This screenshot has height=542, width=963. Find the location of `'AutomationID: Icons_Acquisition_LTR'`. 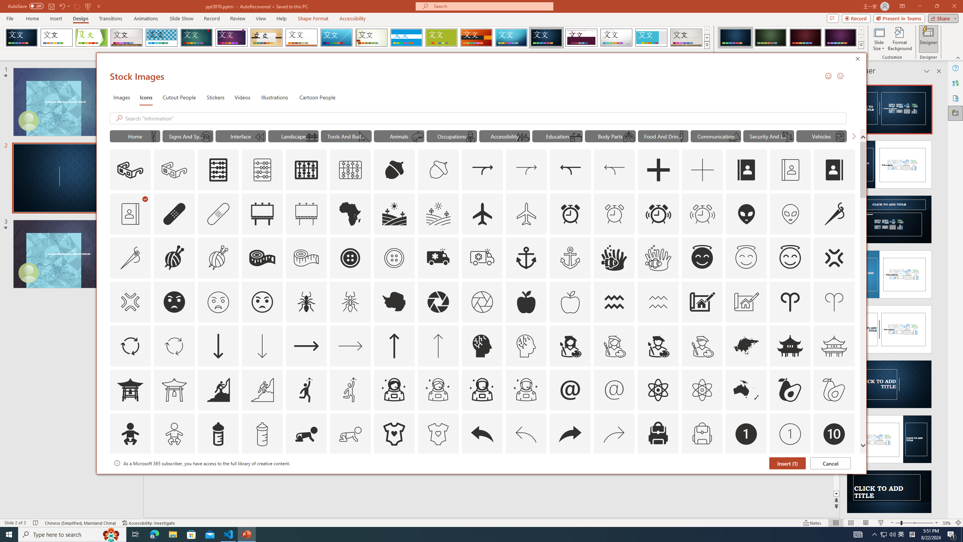

'AutomationID: Icons_Acquisition_LTR' is located at coordinates (482, 170).